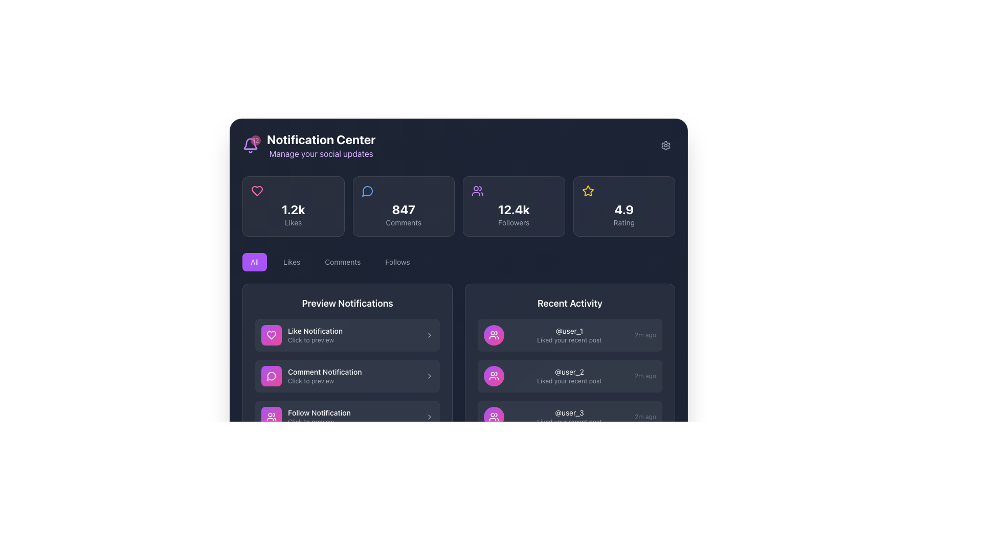 This screenshot has height=552, width=982. Describe the element at coordinates (278, 522) in the screenshot. I see `the clear notifications button located in the footer area of the notification panel, positioned left-aligned relative to 'View All Activity', to observe the style change` at that location.